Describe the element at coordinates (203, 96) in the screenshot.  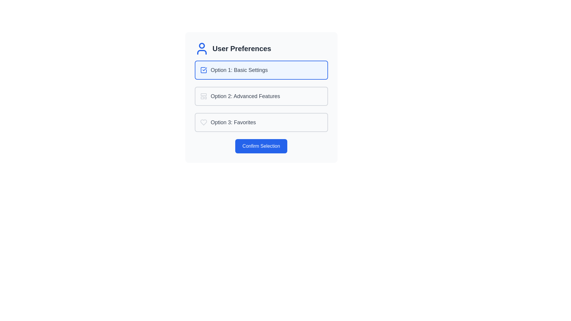
I see `the non-interactive SVG graphical icon representing 'Option 2: Advanced Features', located to the left of the corresponding text` at that location.